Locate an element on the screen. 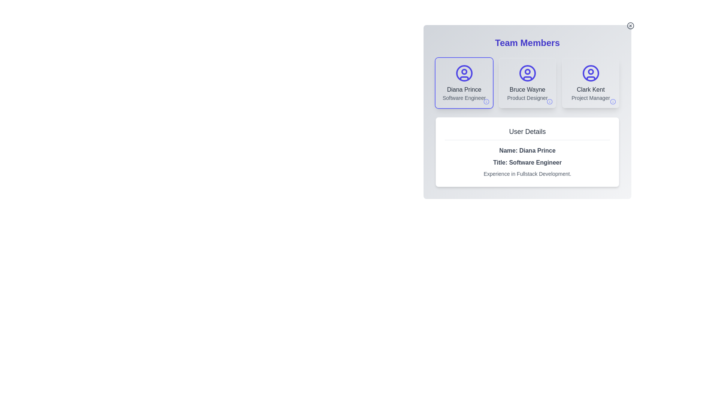 This screenshot has width=719, height=404. the text label displaying 'Bruce Wayne' in the Team Members section, located in the middle column of the card structure is located at coordinates (527, 89).